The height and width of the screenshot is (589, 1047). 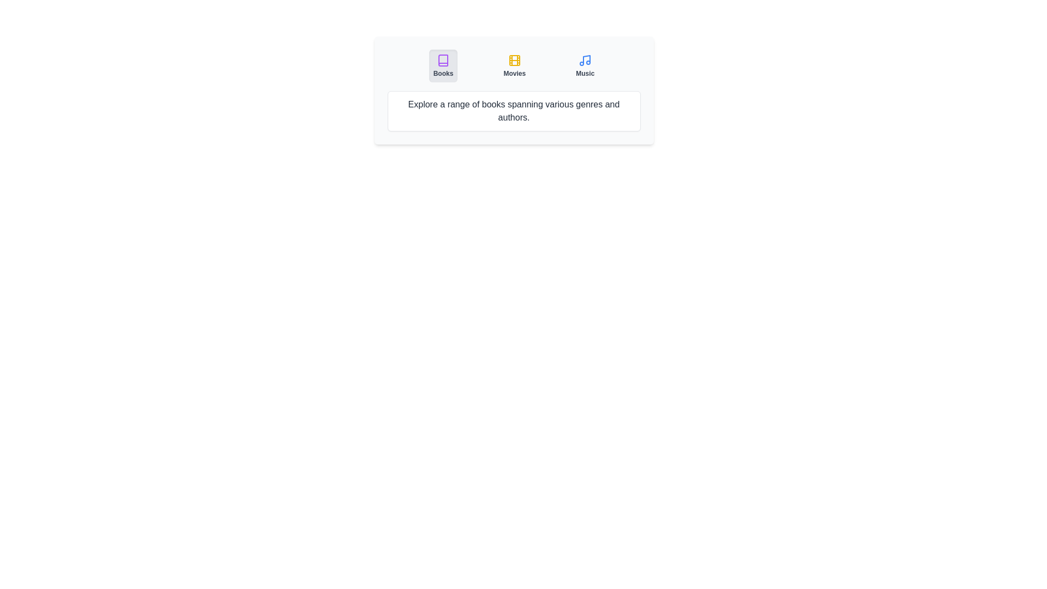 What do you see at coordinates (443, 65) in the screenshot?
I see `the Books tab by clicking on its button` at bounding box center [443, 65].